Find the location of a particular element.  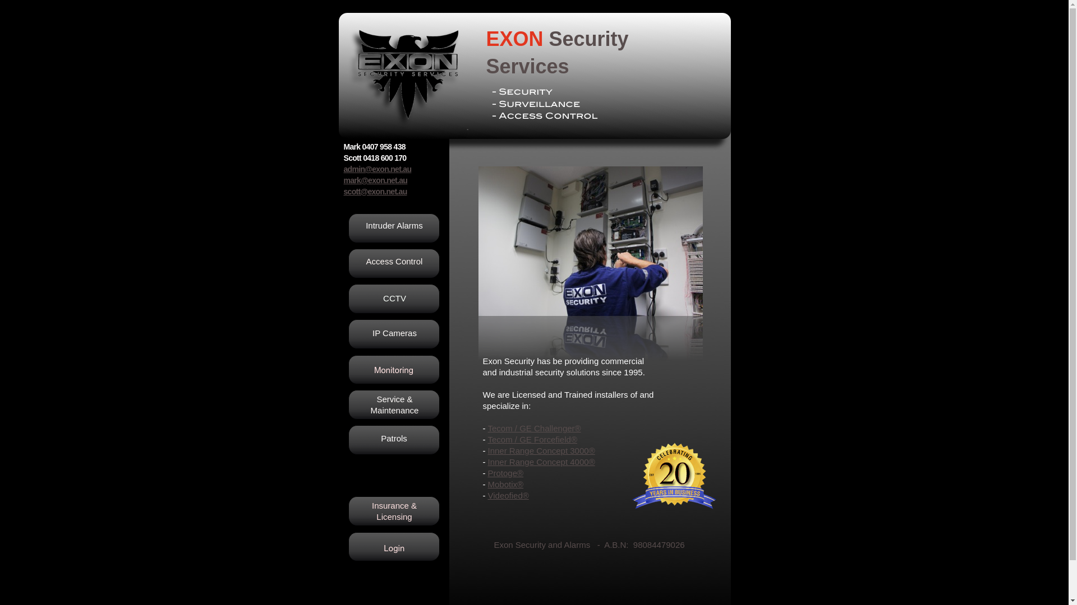

'mark@exon.net.au' is located at coordinates (375, 179).